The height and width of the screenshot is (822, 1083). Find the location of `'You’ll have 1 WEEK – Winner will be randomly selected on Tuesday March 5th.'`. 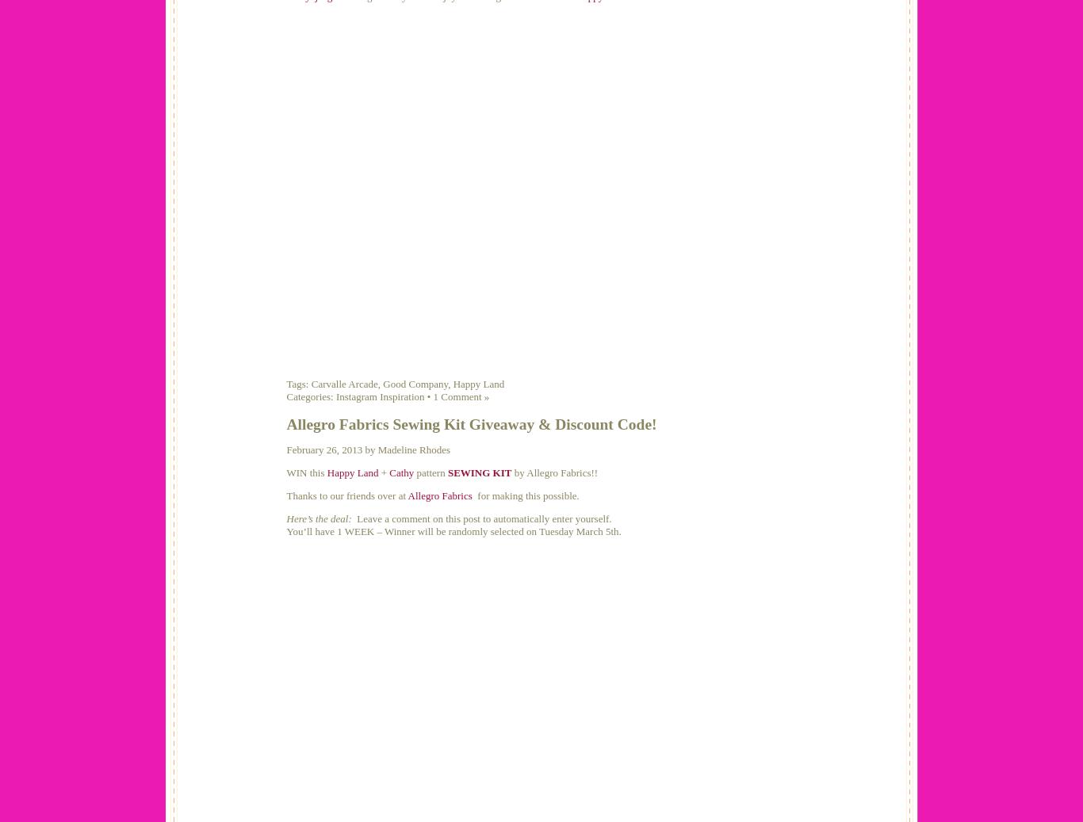

'You’ll have 1 WEEK – Winner will be randomly selected on Tuesday March 5th.' is located at coordinates (452, 530).